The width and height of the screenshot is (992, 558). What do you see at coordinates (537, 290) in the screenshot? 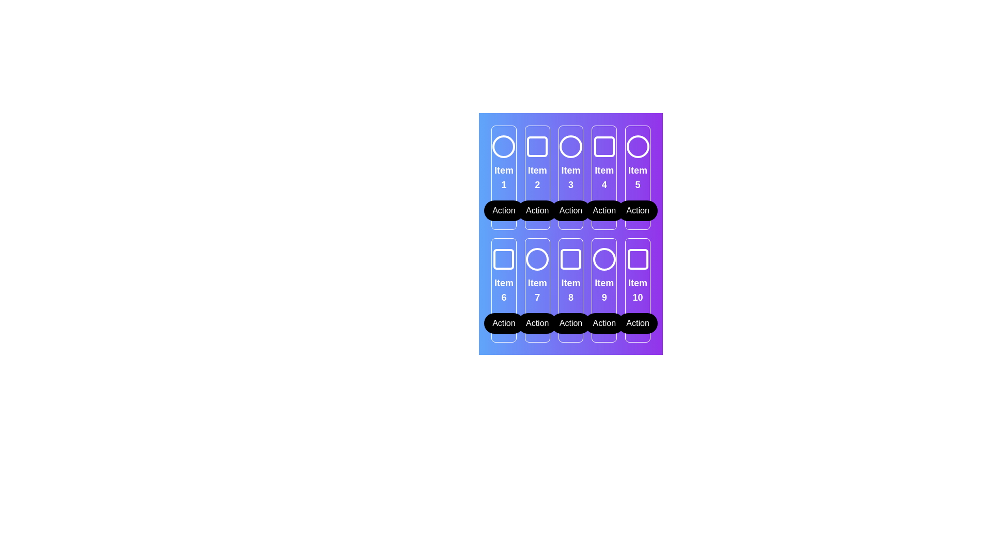
I see `the text 'Item 7' in the composite component that includes a circular icon and an interactive button labeled 'Action'` at bounding box center [537, 290].